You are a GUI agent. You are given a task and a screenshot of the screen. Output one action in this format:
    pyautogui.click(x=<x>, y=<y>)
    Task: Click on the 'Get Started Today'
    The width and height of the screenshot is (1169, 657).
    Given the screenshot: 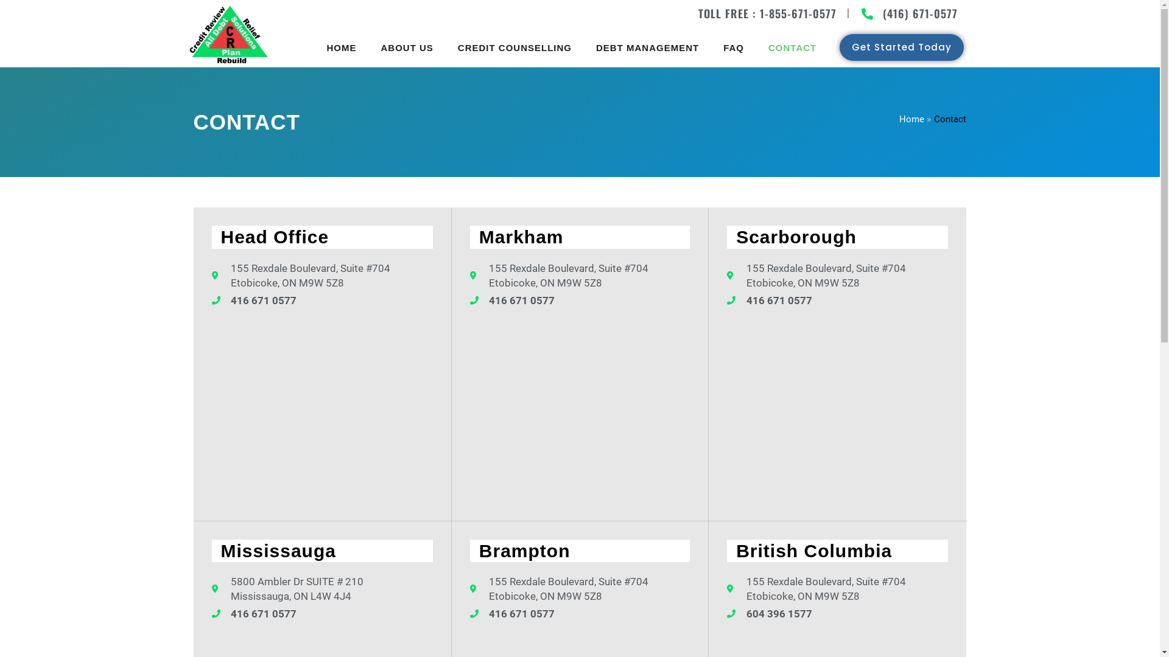 What is the action you would take?
    pyautogui.click(x=838, y=46)
    